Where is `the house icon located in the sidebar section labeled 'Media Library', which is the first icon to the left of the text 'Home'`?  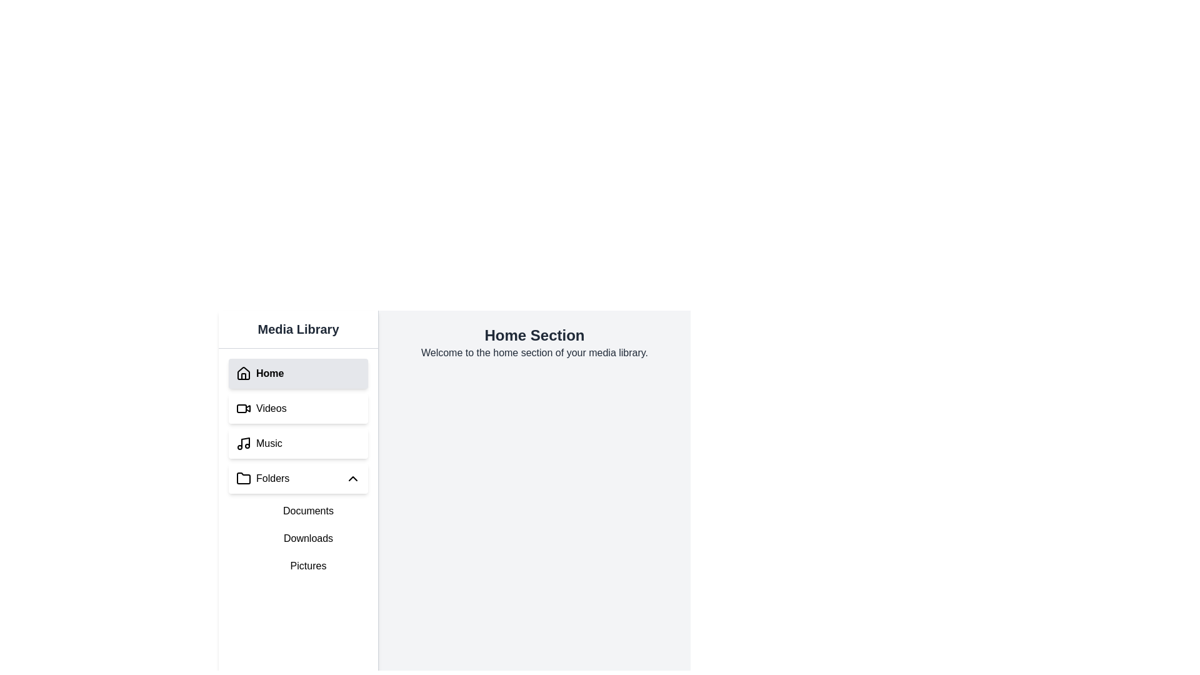 the house icon located in the sidebar section labeled 'Media Library', which is the first icon to the left of the text 'Home' is located at coordinates (243, 372).